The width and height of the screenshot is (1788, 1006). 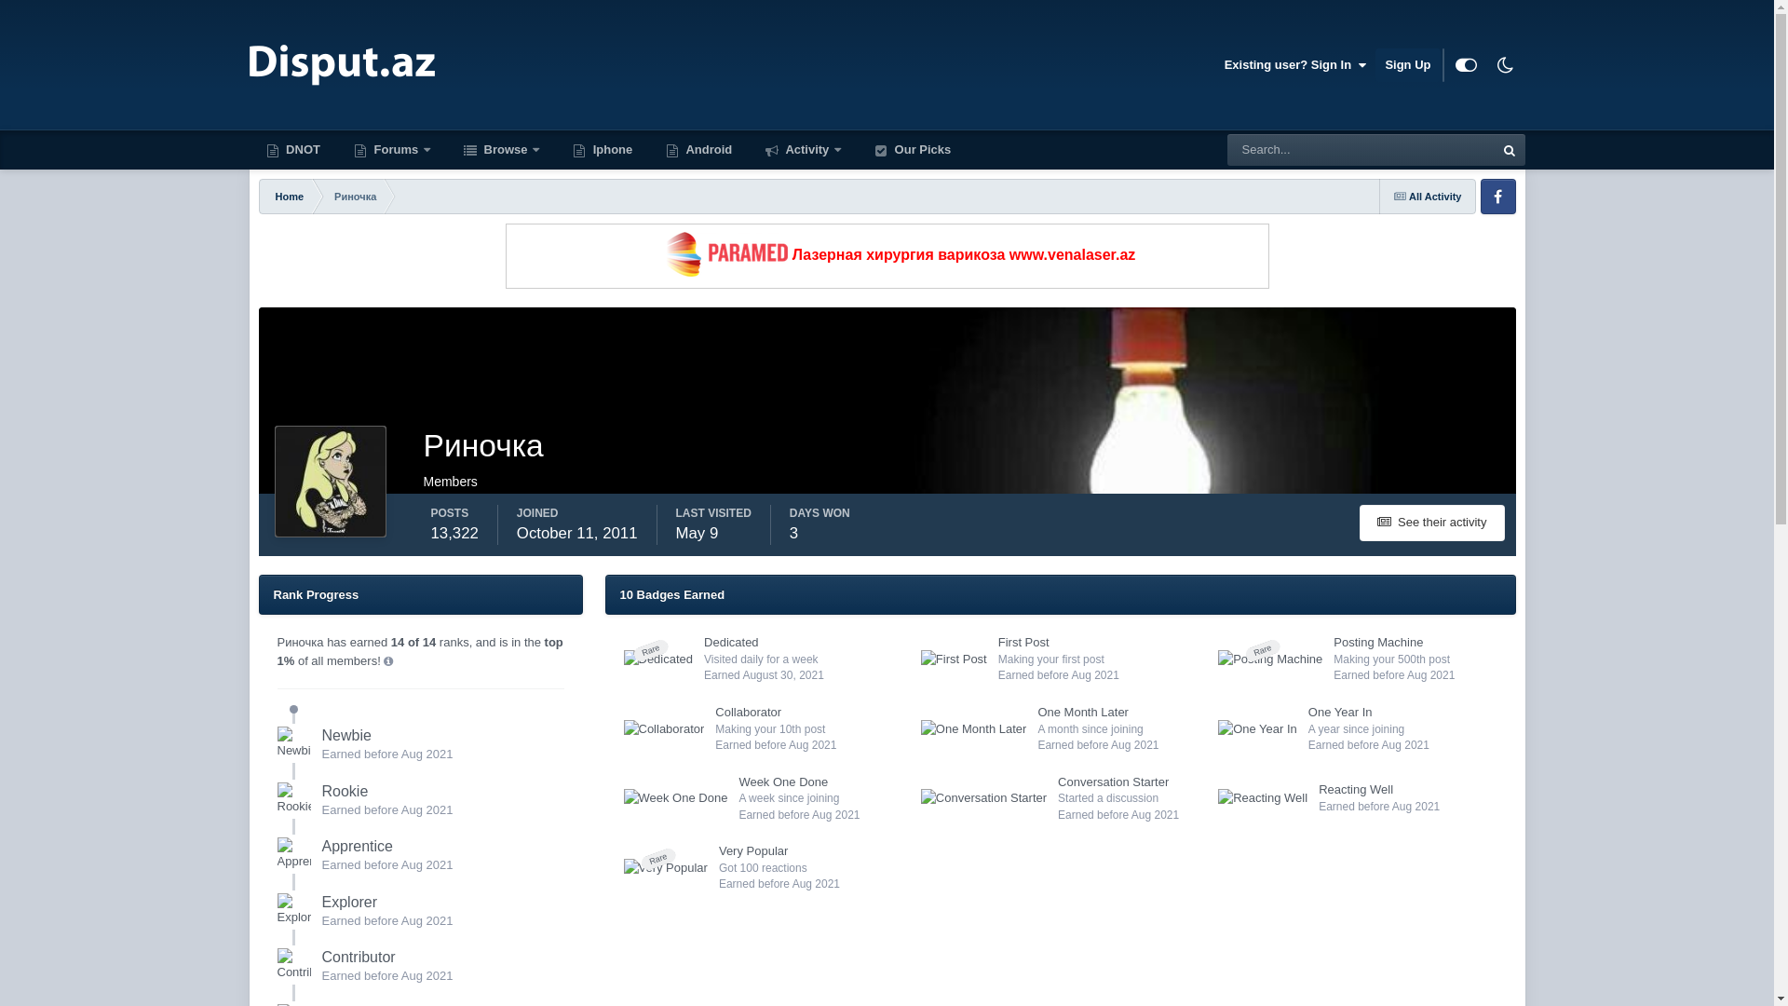 I want to click on 'Browse', so click(x=501, y=149).